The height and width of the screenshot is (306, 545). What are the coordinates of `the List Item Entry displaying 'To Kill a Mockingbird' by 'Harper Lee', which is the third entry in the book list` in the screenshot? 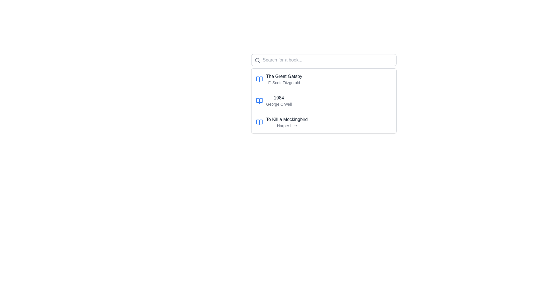 It's located at (324, 122).